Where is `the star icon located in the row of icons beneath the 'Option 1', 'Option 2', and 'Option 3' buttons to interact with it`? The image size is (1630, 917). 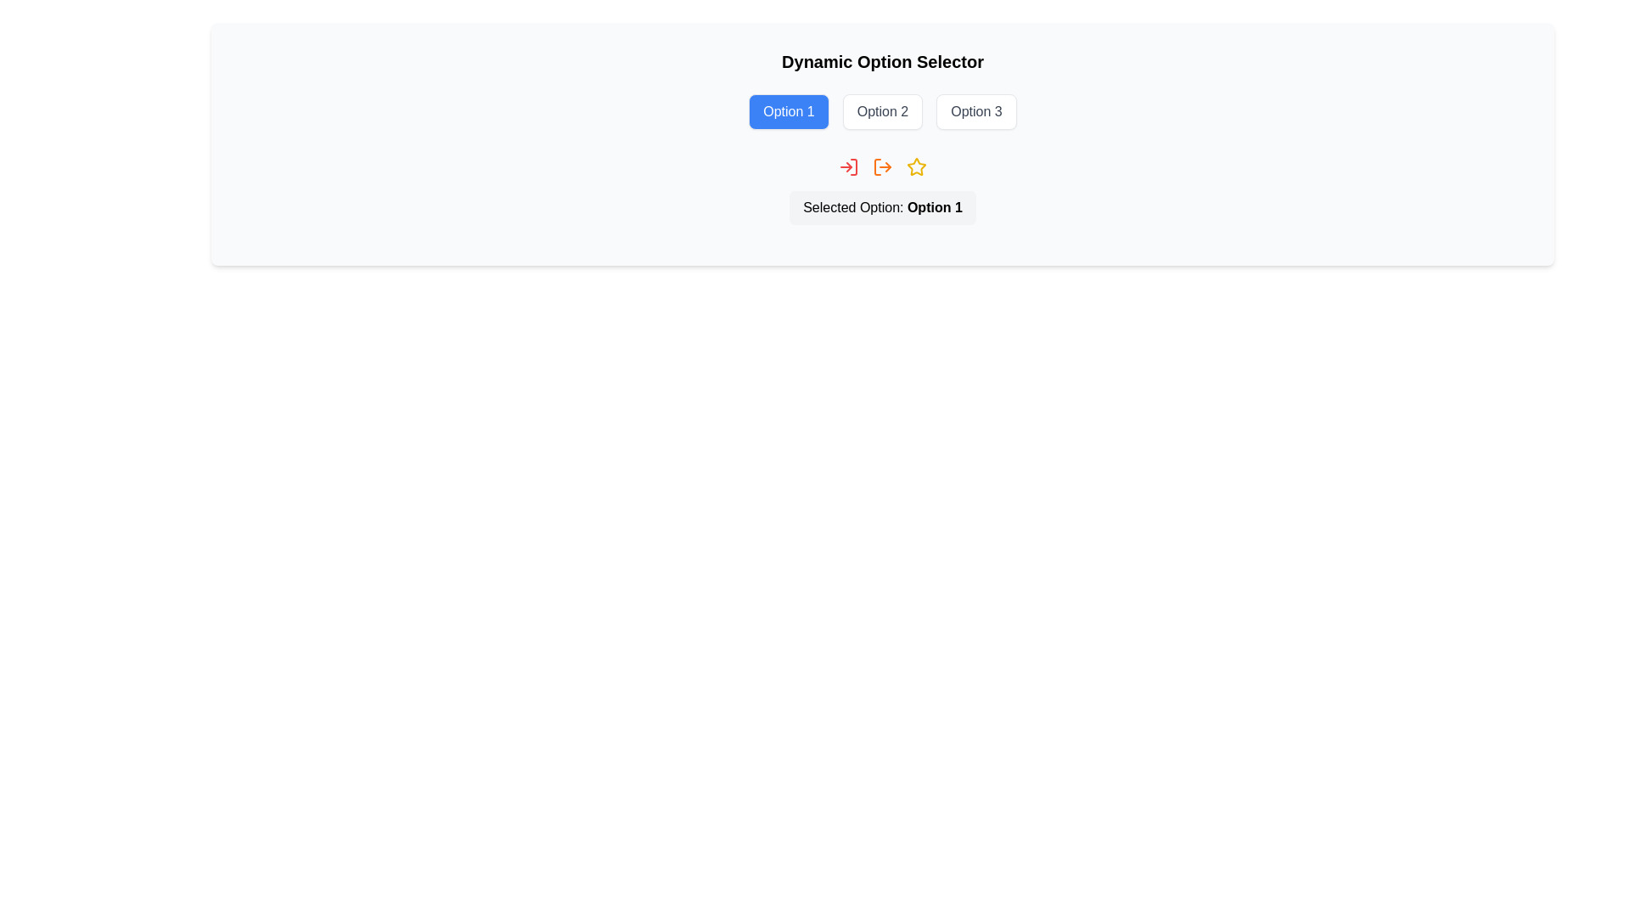
the star icon located in the row of icons beneath the 'Option 1', 'Option 2', and 'Option 3' buttons to interact with it is located at coordinates (915, 166).